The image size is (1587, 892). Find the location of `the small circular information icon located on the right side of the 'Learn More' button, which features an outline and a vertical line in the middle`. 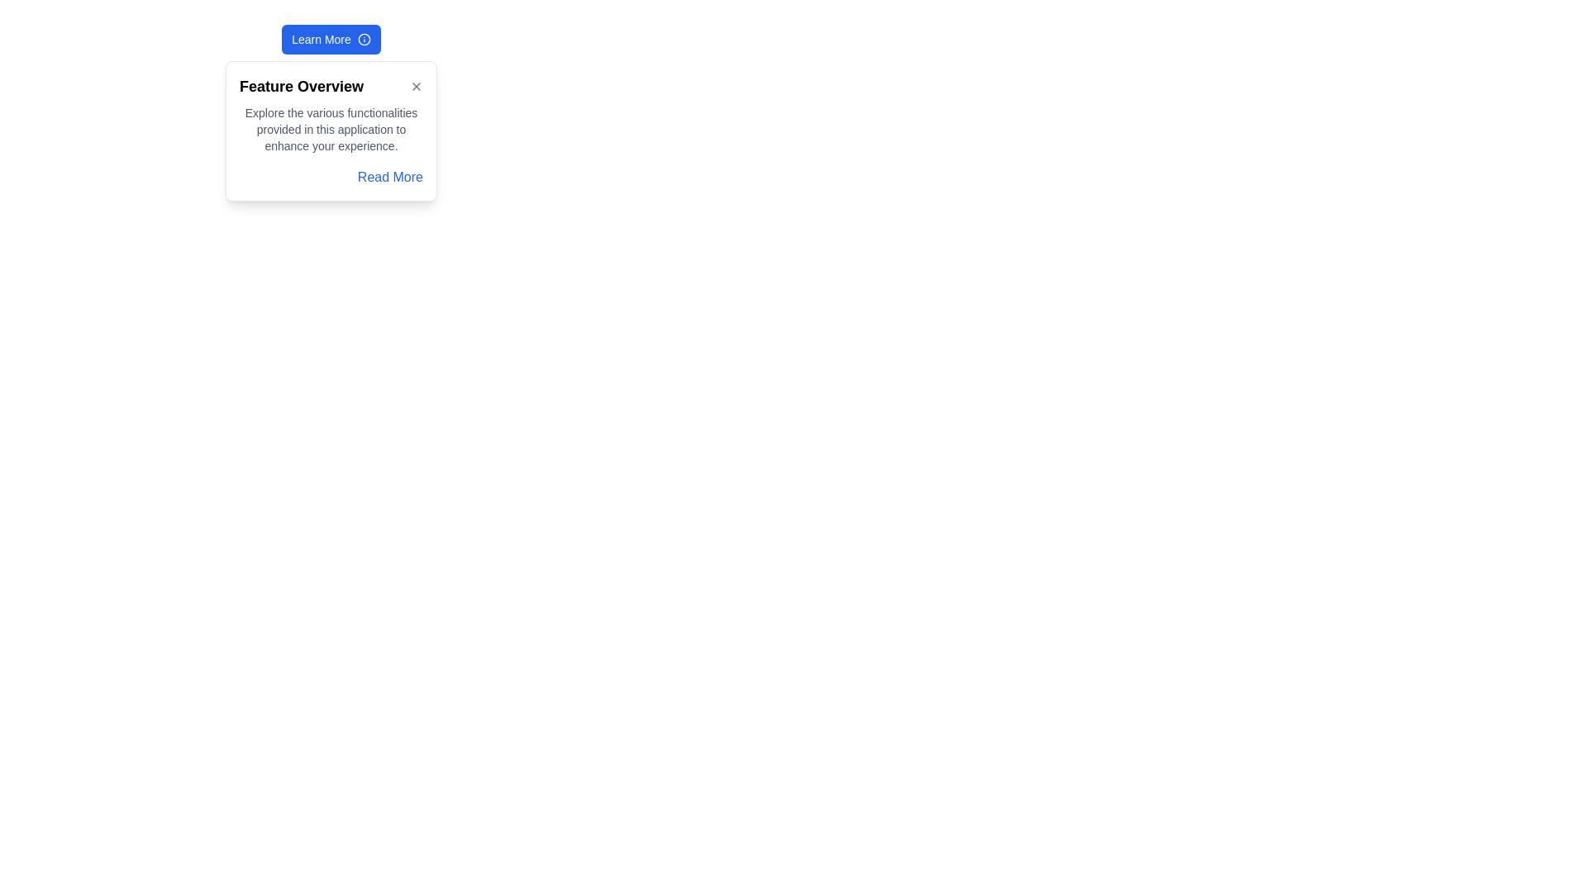

the small circular information icon located on the right side of the 'Learn More' button, which features an outline and a vertical line in the middle is located at coordinates (363, 38).